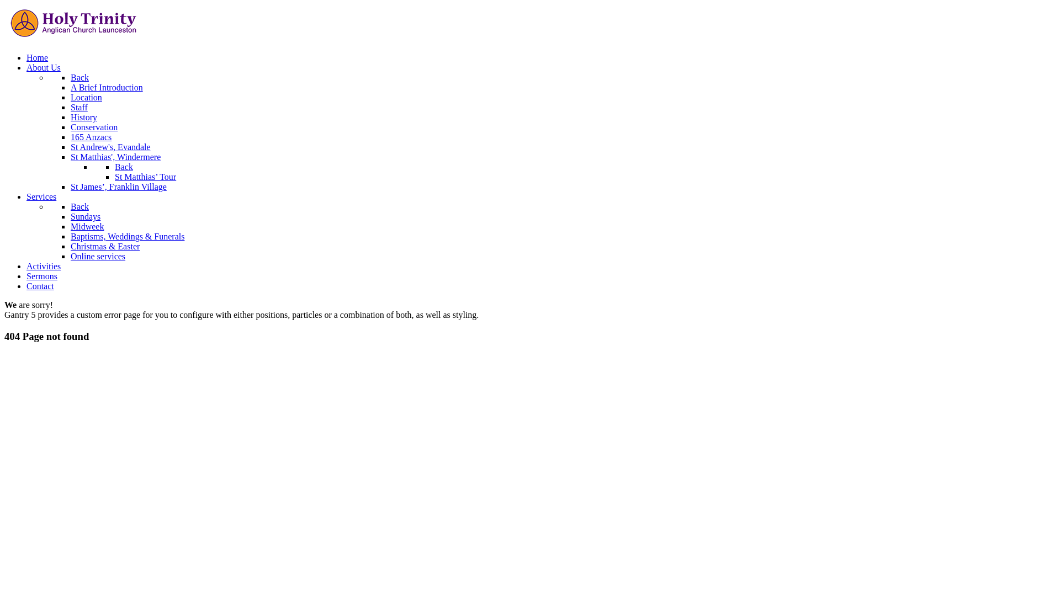  I want to click on 'Home', so click(37, 57).